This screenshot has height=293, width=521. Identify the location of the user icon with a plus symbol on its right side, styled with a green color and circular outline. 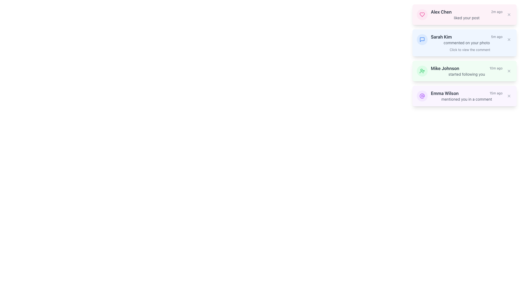
(422, 71).